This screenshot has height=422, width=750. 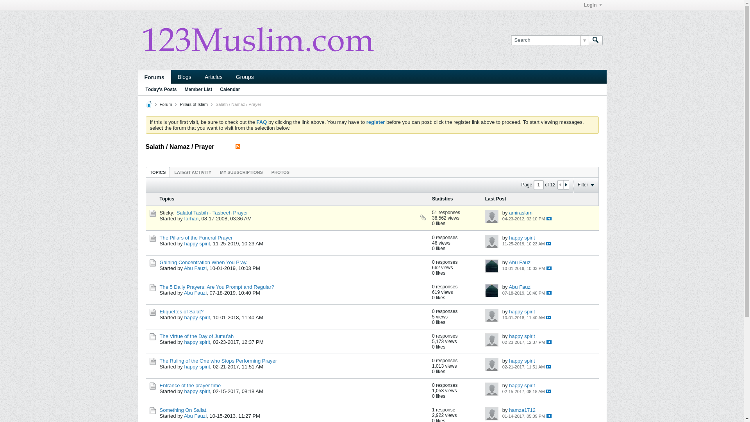 What do you see at coordinates (157, 172) in the screenshot?
I see `'TOPICS'` at bounding box center [157, 172].